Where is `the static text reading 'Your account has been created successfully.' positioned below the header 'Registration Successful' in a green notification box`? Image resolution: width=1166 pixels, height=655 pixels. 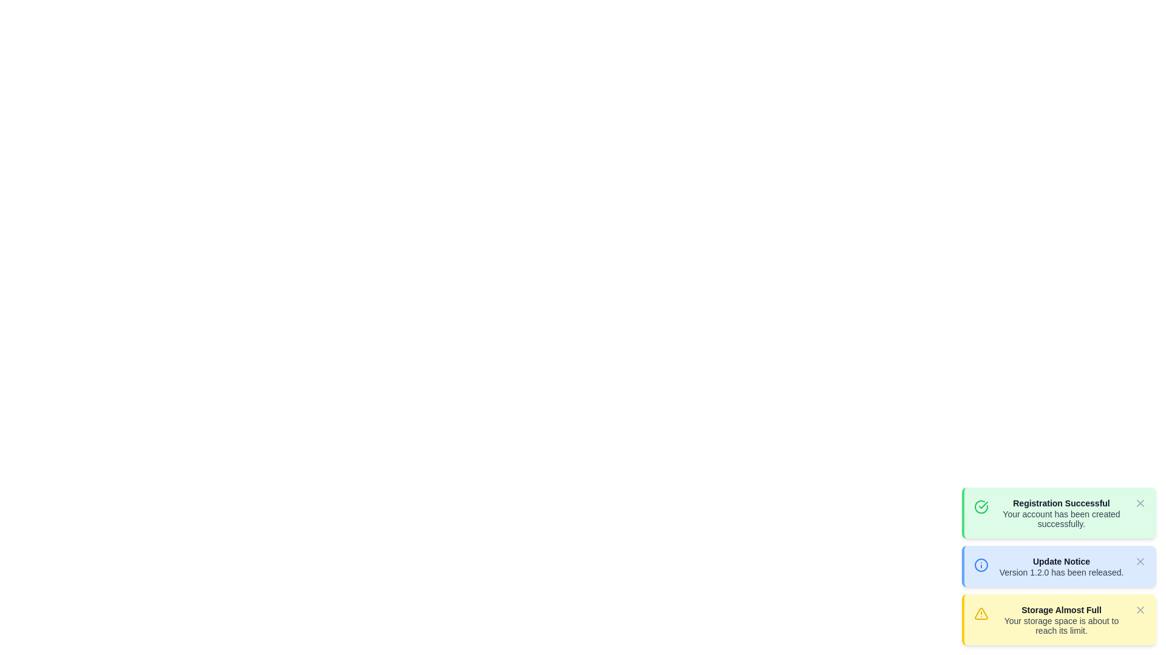
the static text reading 'Your account has been created successfully.' positioned below the header 'Registration Successful' in a green notification box is located at coordinates (1060, 519).